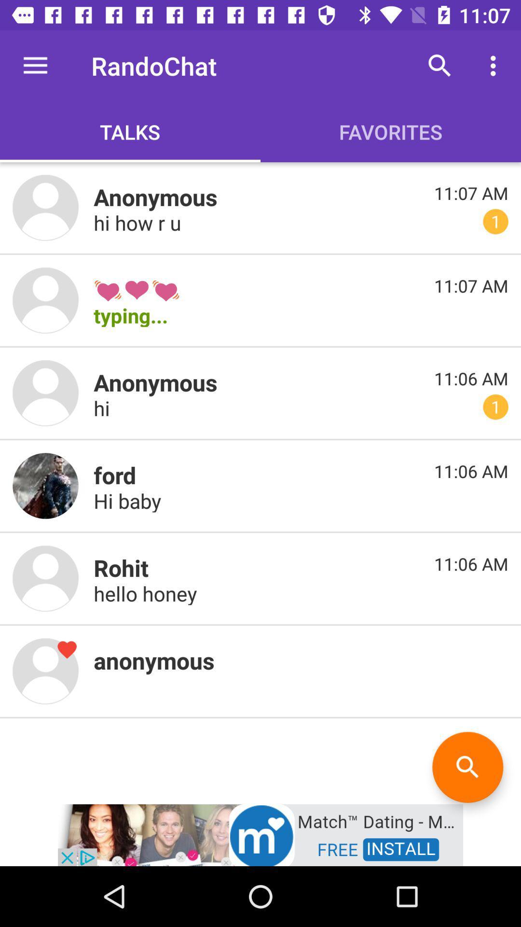  I want to click on anonymous, so click(45, 671).